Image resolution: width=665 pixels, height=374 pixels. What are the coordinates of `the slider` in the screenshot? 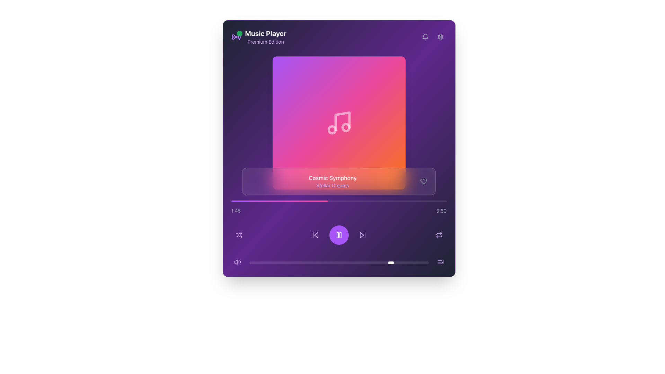 It's located at (299, 263).